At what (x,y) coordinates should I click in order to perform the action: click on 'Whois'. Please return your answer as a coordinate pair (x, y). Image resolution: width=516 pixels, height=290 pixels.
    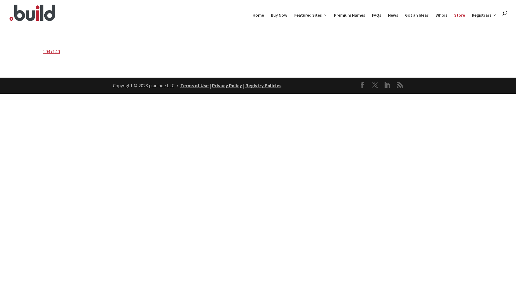
    Looking at the image, I should click on (441, 19).